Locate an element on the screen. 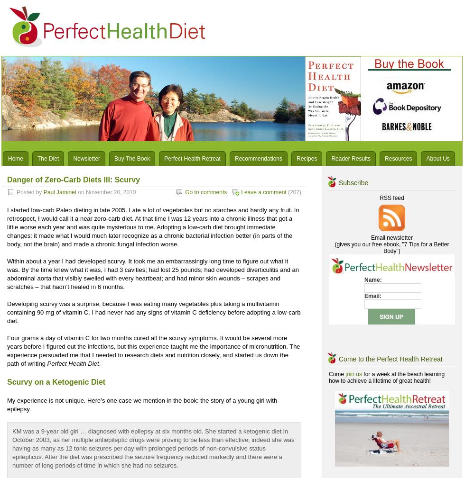 This screenshot has height=478, width=465. 'Leave a comment' is located at coordinates (263, 192).